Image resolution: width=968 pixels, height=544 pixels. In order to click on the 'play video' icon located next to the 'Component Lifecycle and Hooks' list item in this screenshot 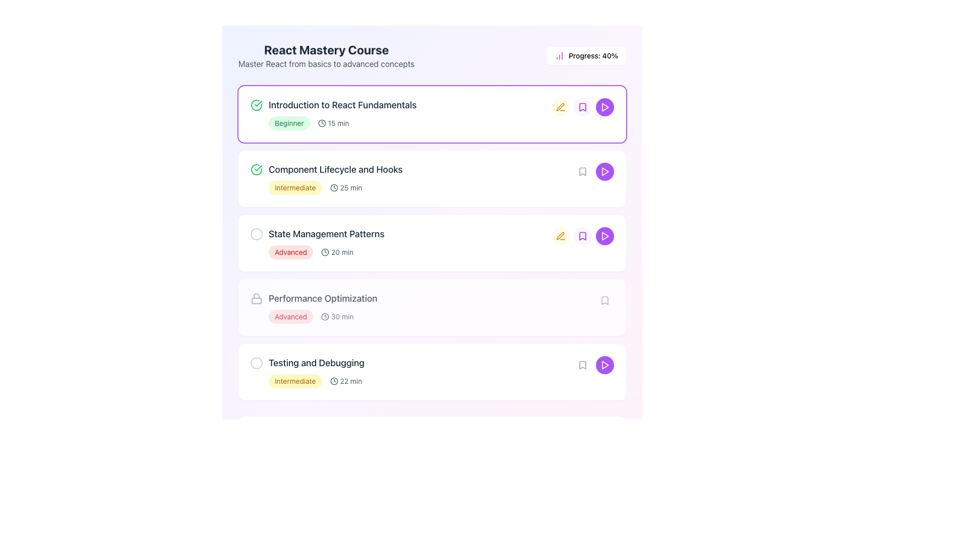, I will do `click(605, 236)`.